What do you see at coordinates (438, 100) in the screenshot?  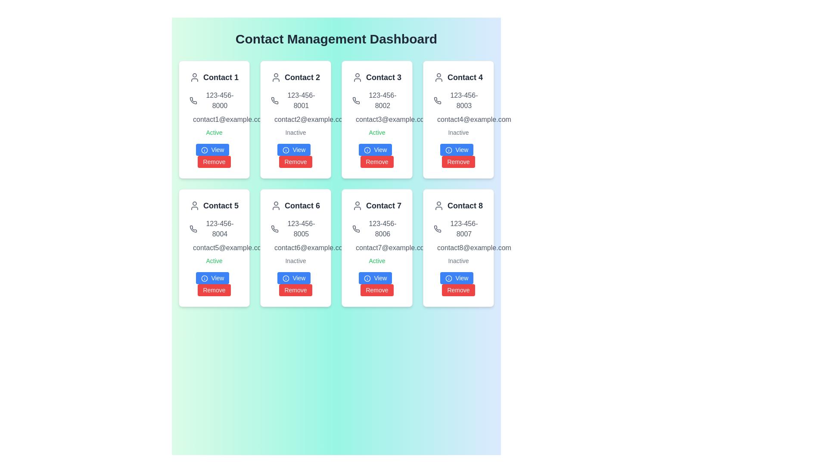 I see `the telephone icon located in the 'Contact 4' card, which is in the fourth column of the first row in the grid layout` at bounding box center [438, 100].